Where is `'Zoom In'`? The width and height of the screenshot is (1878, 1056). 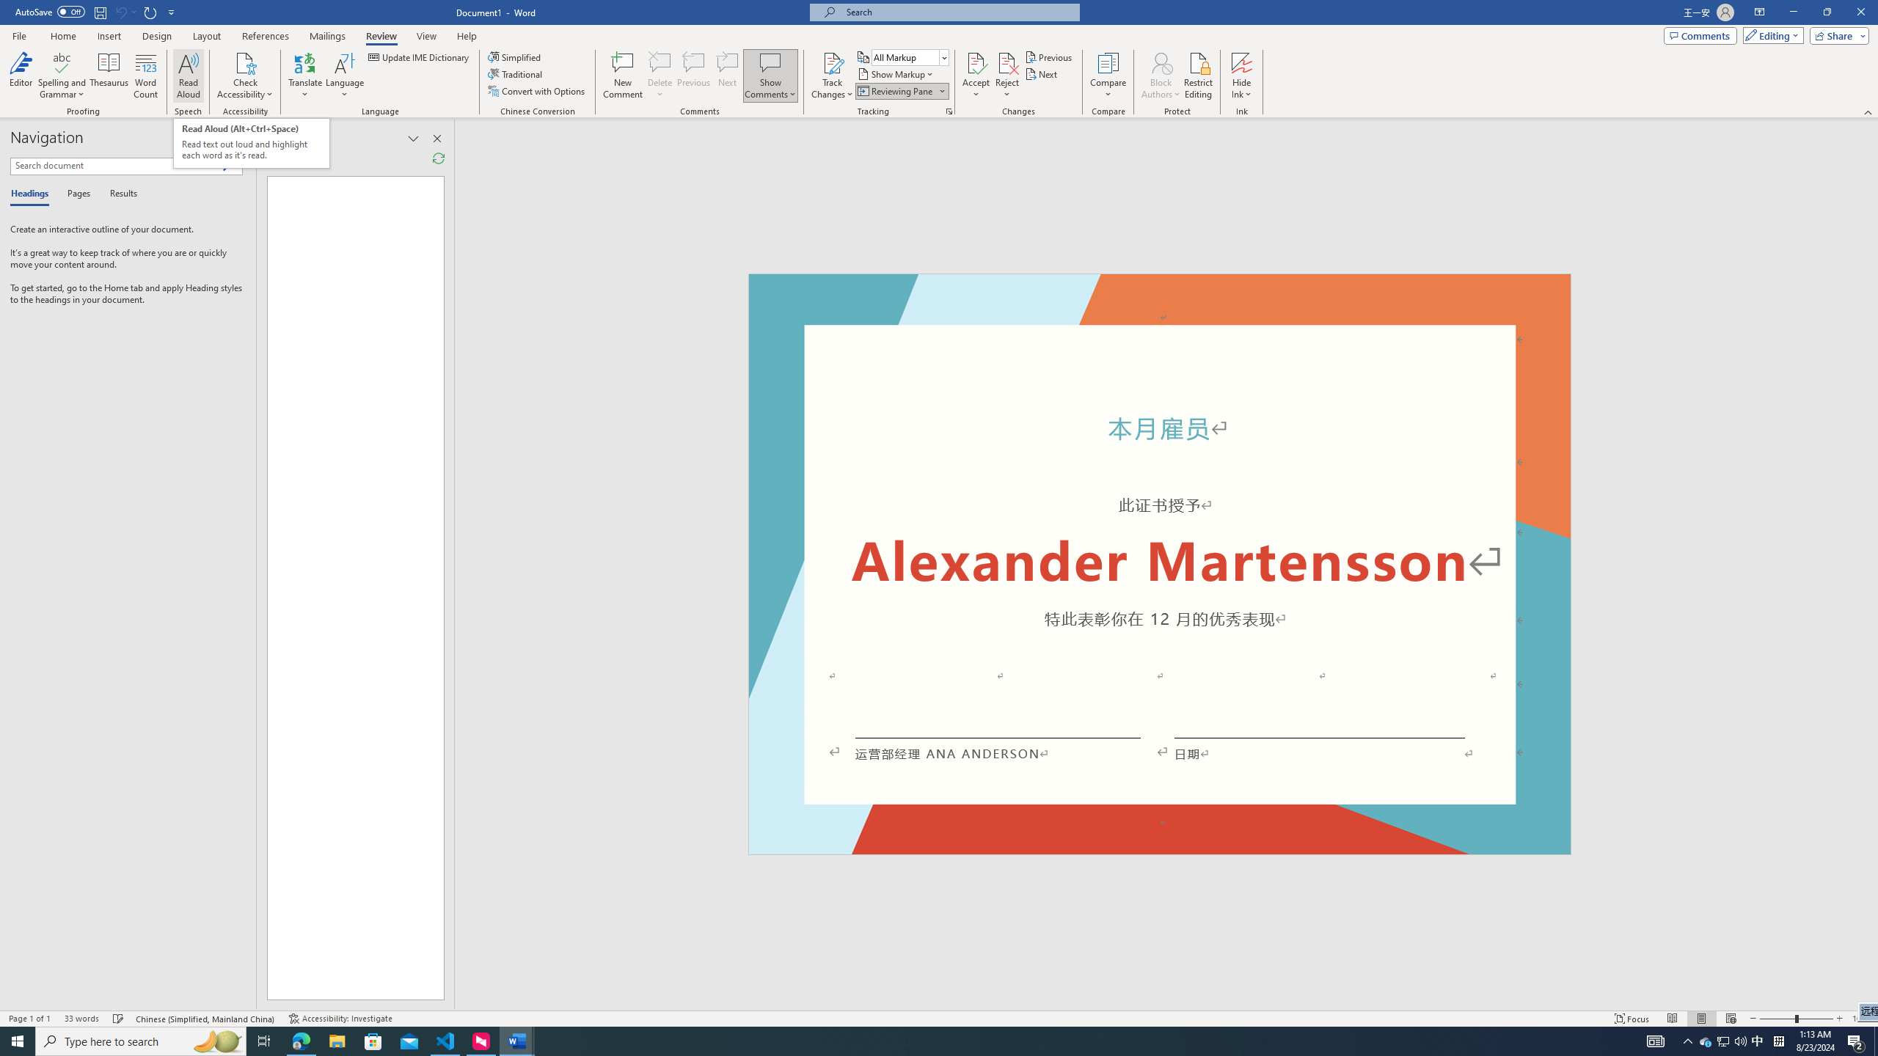
'Zoom In' is located at coordinates (1839, 1019).